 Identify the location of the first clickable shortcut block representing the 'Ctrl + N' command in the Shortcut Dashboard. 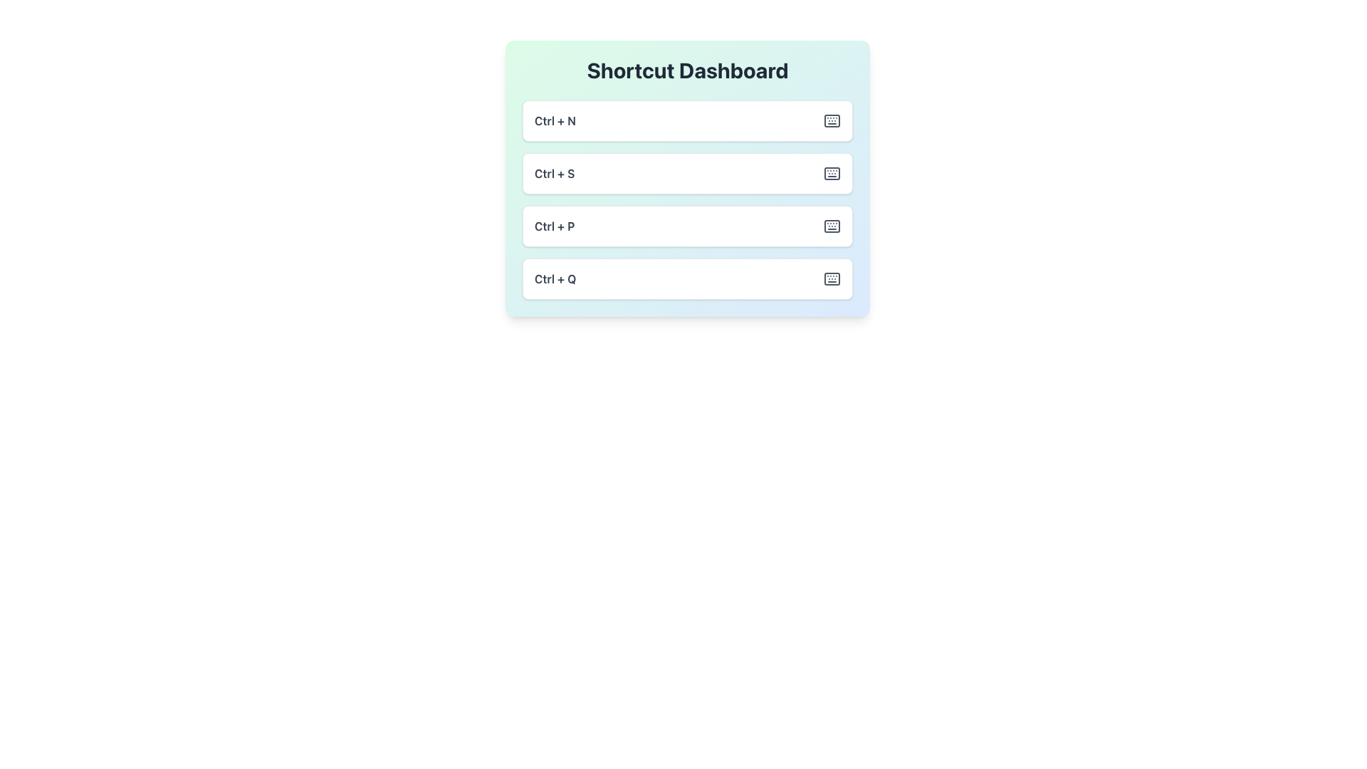
(687, 120).